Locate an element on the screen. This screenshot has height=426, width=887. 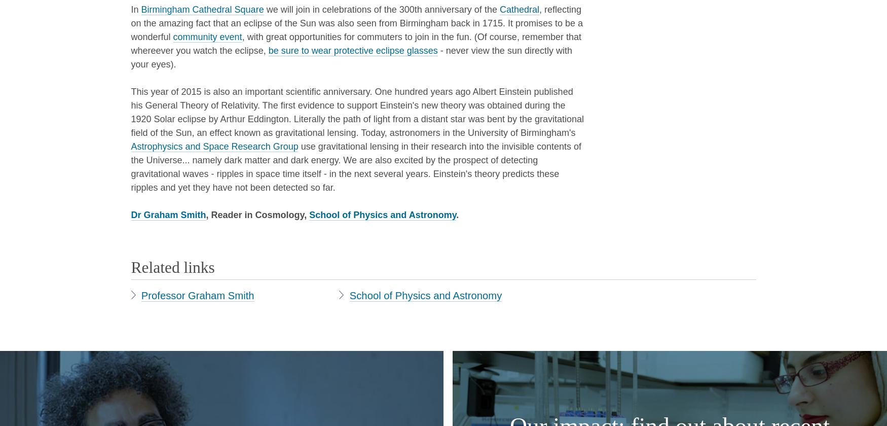
'Dr Graham Smith' is located at coordinates (168, 215).